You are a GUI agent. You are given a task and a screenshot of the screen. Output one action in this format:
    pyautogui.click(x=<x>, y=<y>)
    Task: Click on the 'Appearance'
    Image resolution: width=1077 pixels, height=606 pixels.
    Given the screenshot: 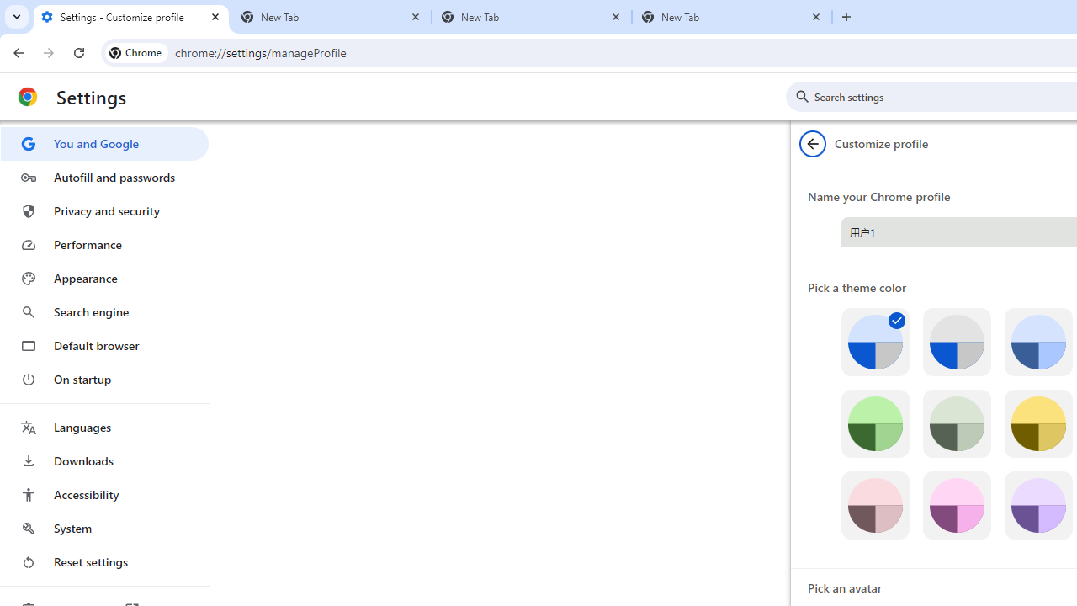 What is the action you would take?
    pyautogui.click(x=103, y=278)
    